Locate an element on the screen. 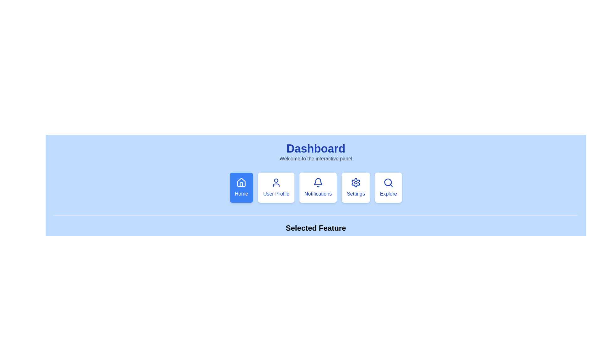 This screenshot has width=602, height=339. the 'User Profile' icon located at the top portion of the 'User Profile' card in the navigation row beneath the 'Dashboard' title is located at coordinates (276, 183).